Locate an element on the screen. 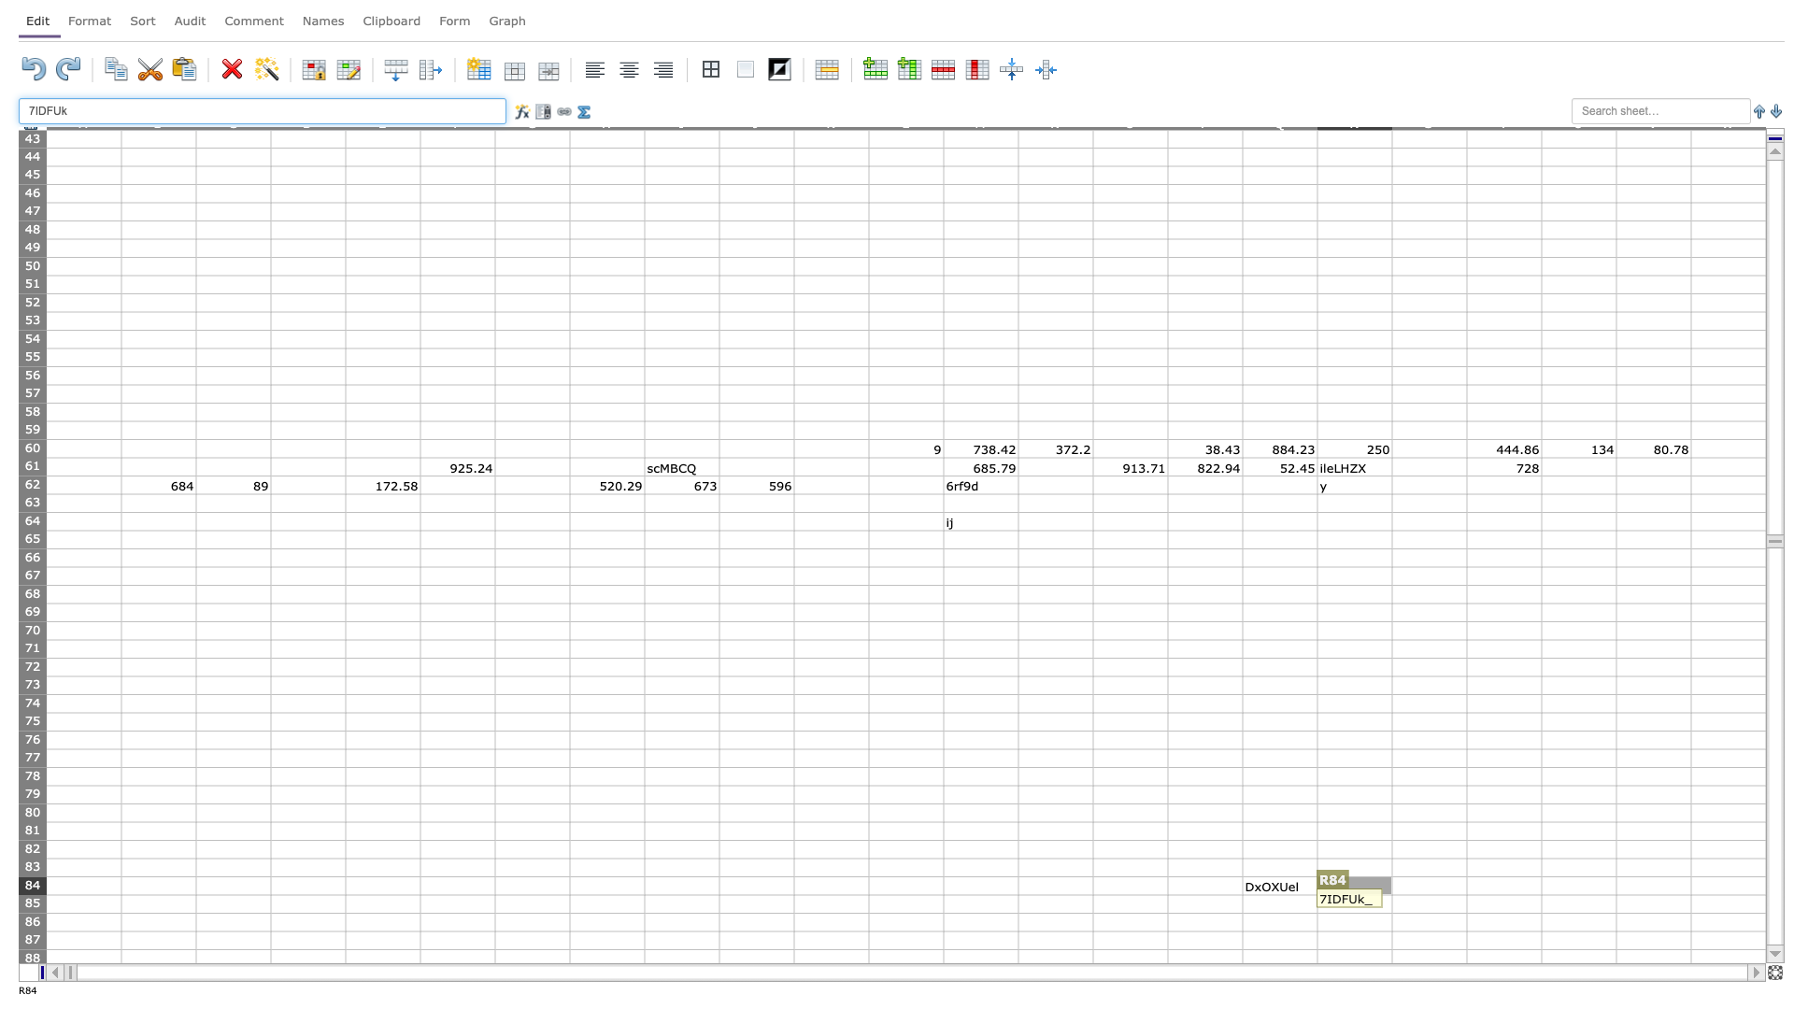  Left side boundary of S85 is located at coordinates (1391, 902).